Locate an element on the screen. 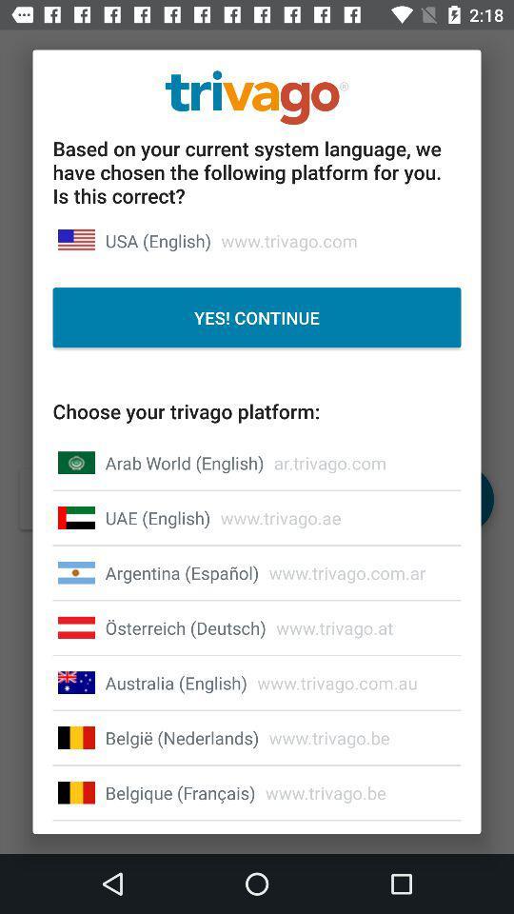  icon next to the ar.trivago.com icon is located at coordinates (185, 462).